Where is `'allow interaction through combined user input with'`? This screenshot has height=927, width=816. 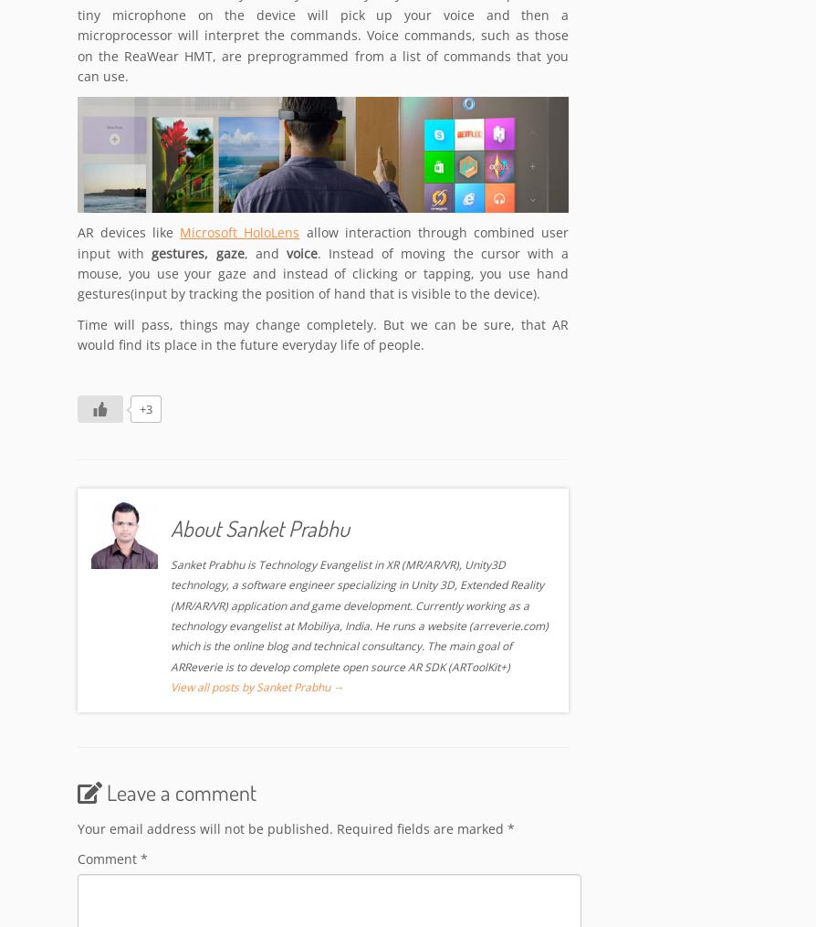 'allow interaction through combined user input with' is located at coordinates (322, 244).